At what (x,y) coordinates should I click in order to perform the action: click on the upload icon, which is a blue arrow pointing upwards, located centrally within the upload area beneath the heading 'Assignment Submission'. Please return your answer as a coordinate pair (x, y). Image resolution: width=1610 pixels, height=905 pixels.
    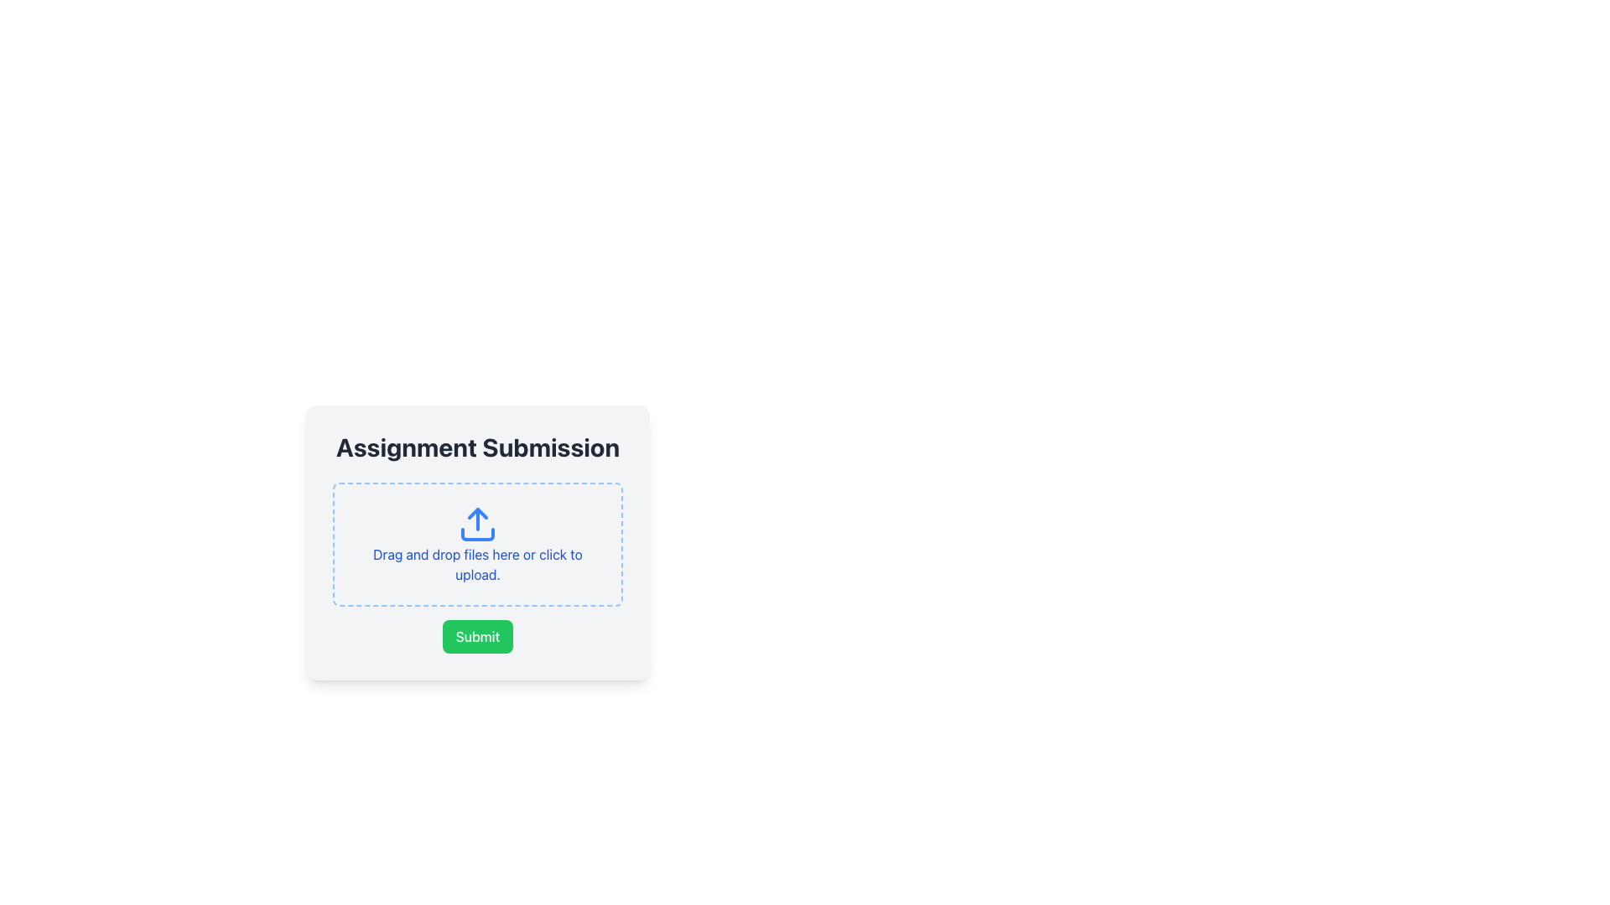
    Looking at the image, I should click on (477, 523).